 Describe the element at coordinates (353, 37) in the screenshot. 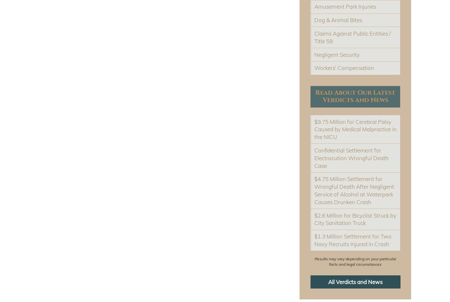

I see `'Claims Against Public Entities / Title 59'` at that location.